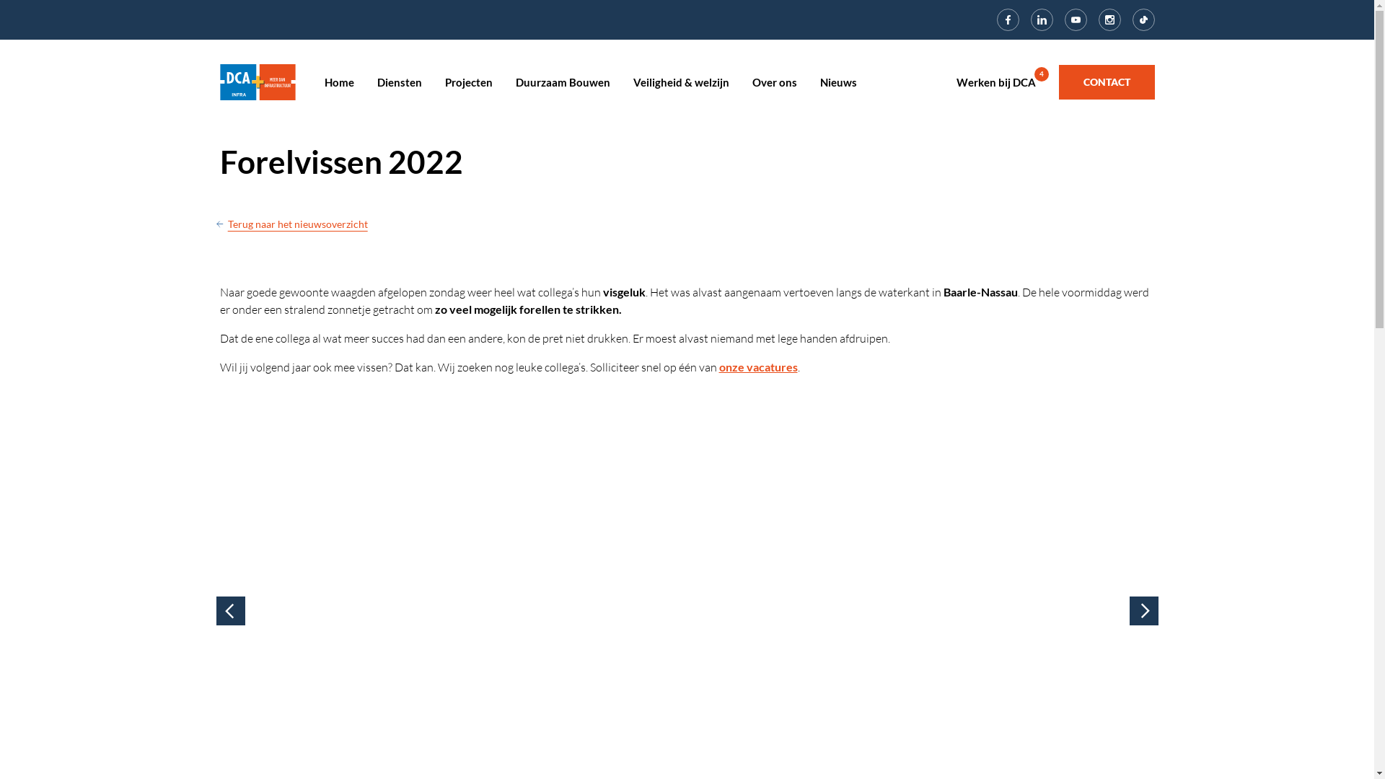 Image resolution: width=1385 pixels, height=779 pixels. I want to click on 'Diensten', so click(377, 82).